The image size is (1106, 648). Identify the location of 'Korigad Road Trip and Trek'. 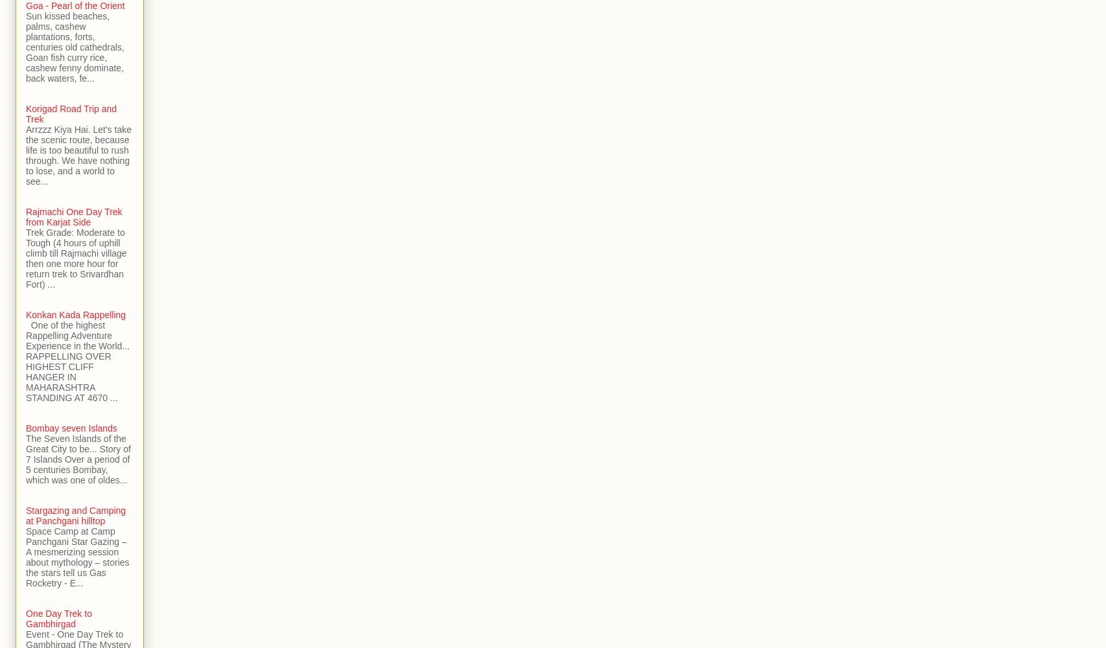
(71, 114).